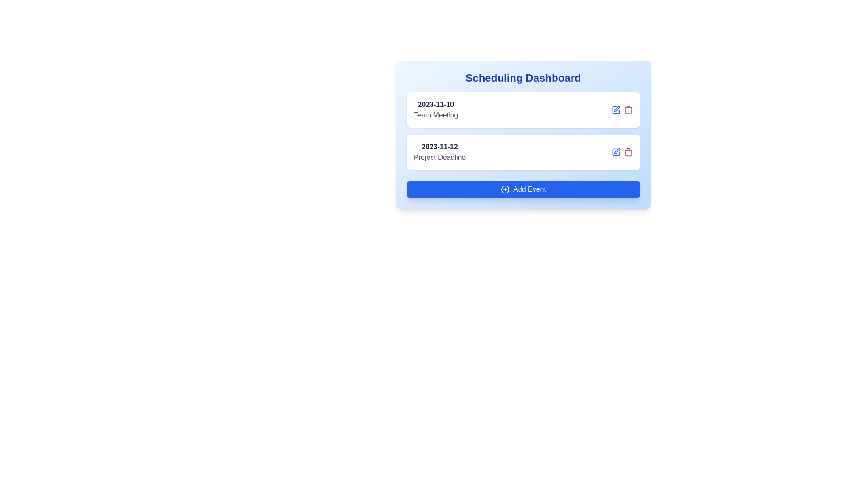 This screenshot has height=477, width=848. What do you see at coordinates (616, 108) in the screenshot?
I see `the 'edit' icon button located adjacent to the event titles in the right section of the interface to initiate the editing process` at bounding box center [616, 108].